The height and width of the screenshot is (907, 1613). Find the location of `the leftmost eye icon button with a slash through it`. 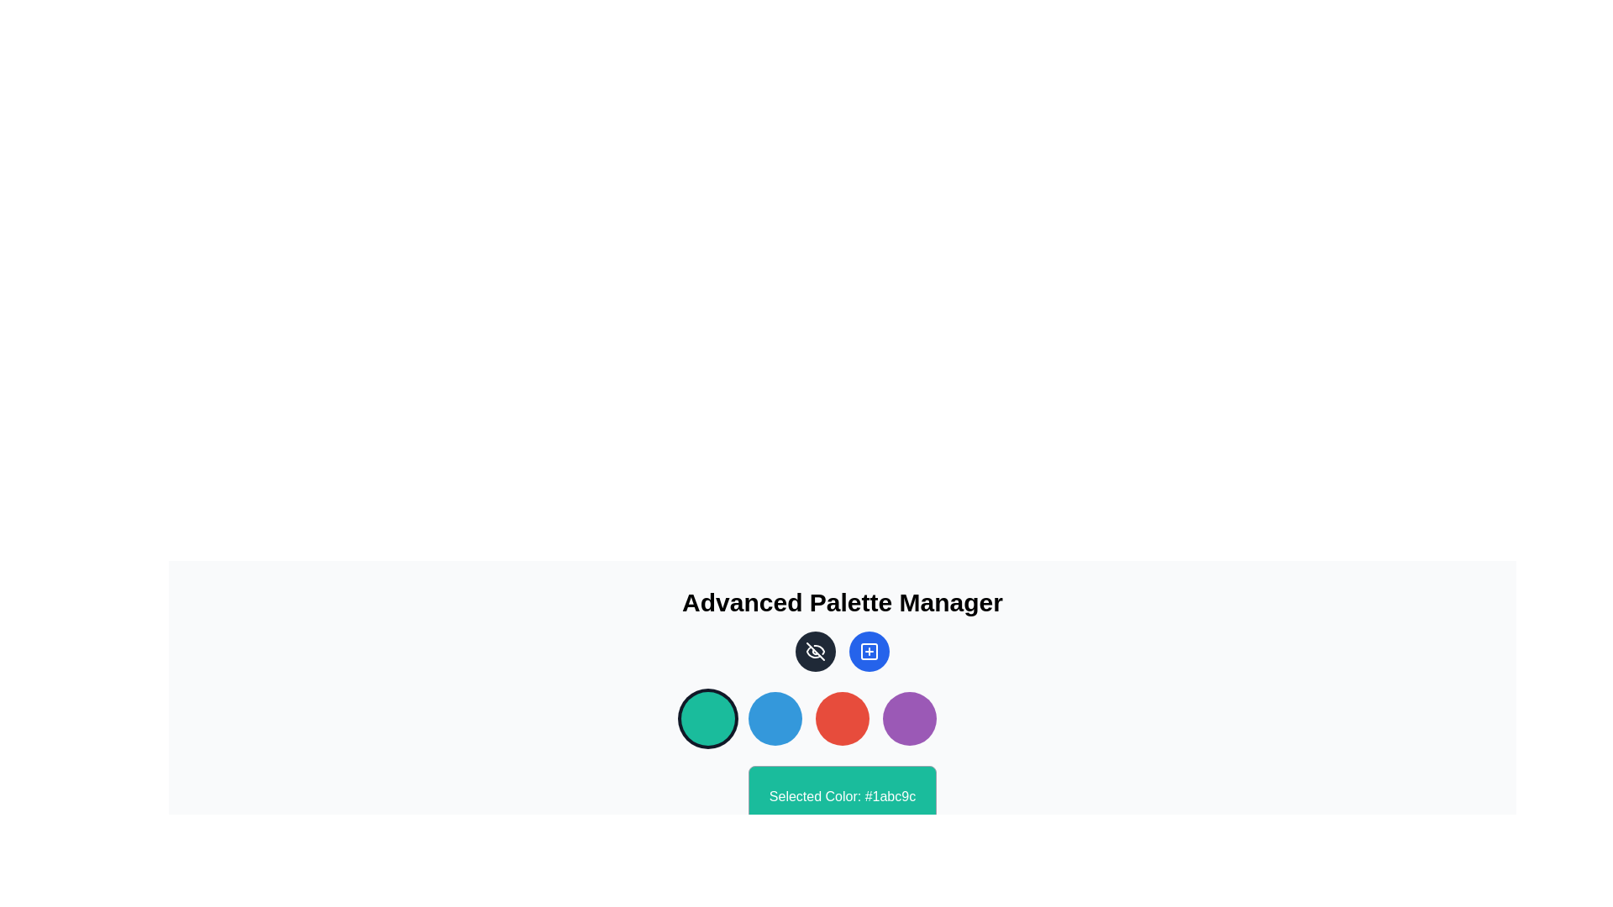

the leftmost eye icon button with a slash through it is located at coordinates (815, 650).